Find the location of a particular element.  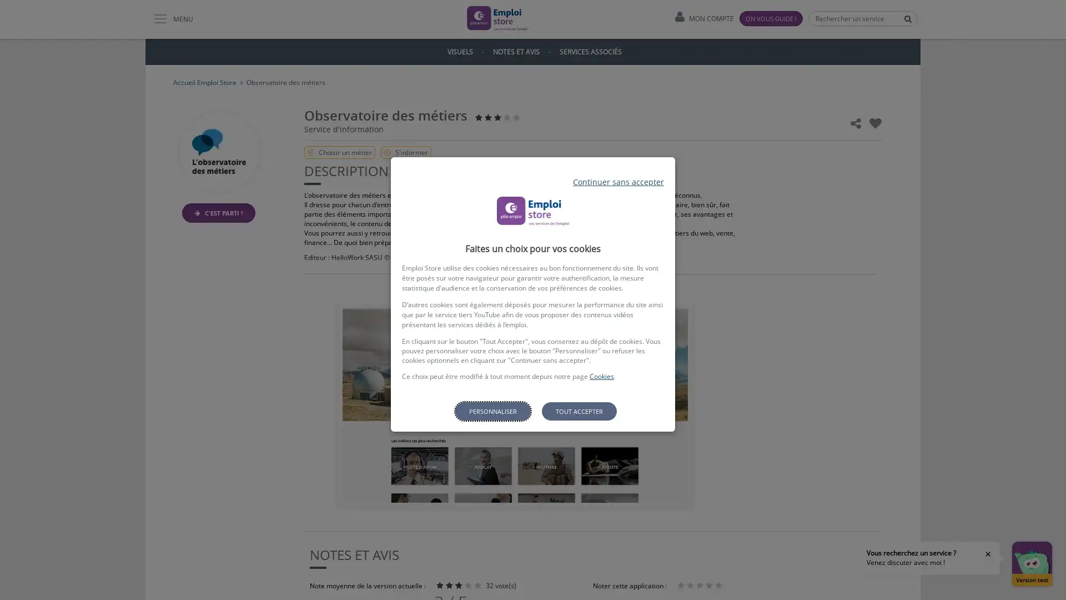

Ouvrir la fenetre de discussion Version test is located at coordinates (1031, 563).